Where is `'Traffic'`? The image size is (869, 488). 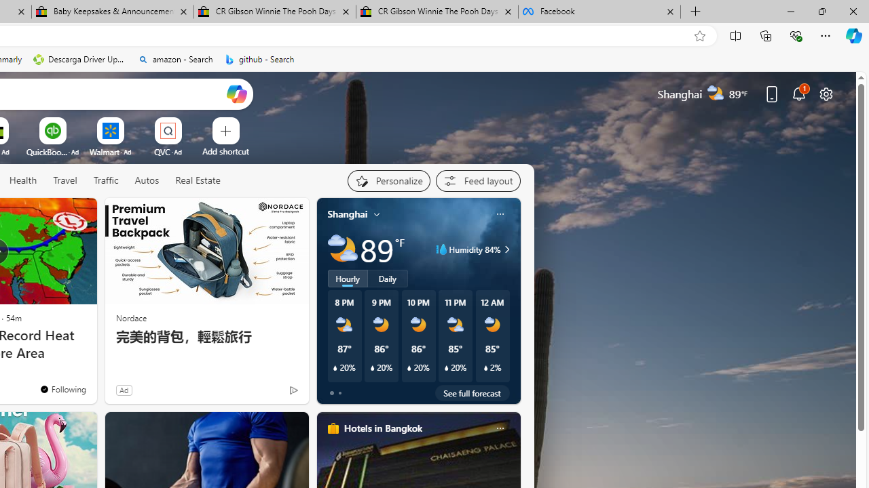 'Traffic' is located at coordinates (105, 180).